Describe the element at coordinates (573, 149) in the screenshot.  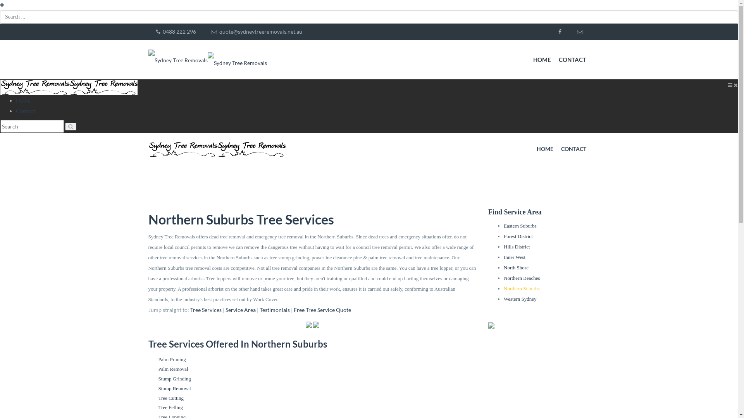
I see `'CONTACT'` at that location.